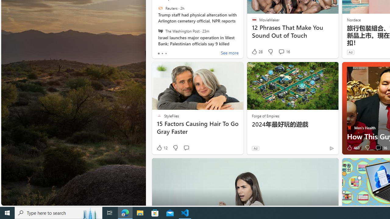  What do you see at coordinates (160, 8) in the screenshot?
I see `'Reuters'` at bounding box center [160, 8].